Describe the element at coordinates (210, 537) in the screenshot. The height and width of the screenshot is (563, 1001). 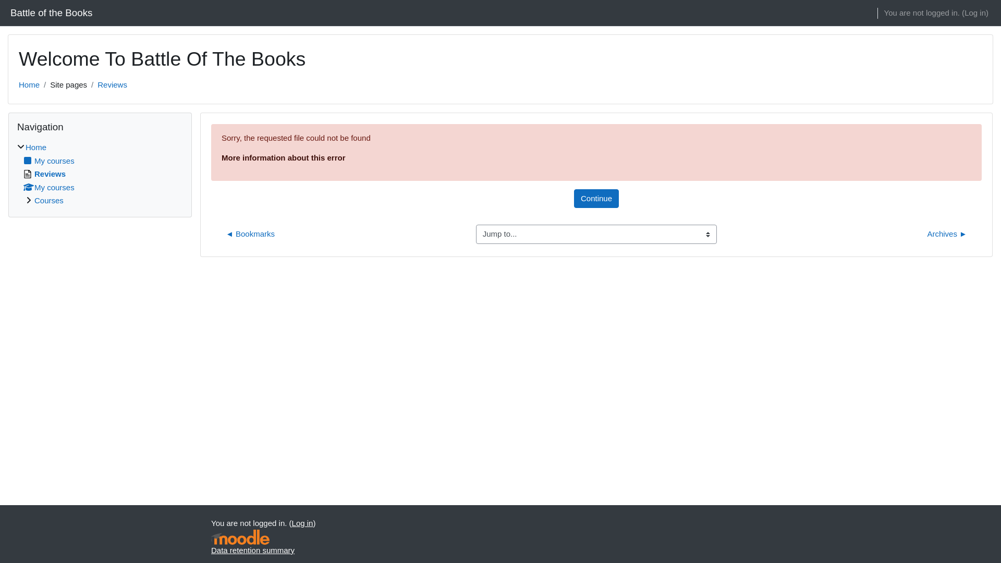
I see `'Moodle'` at that location.